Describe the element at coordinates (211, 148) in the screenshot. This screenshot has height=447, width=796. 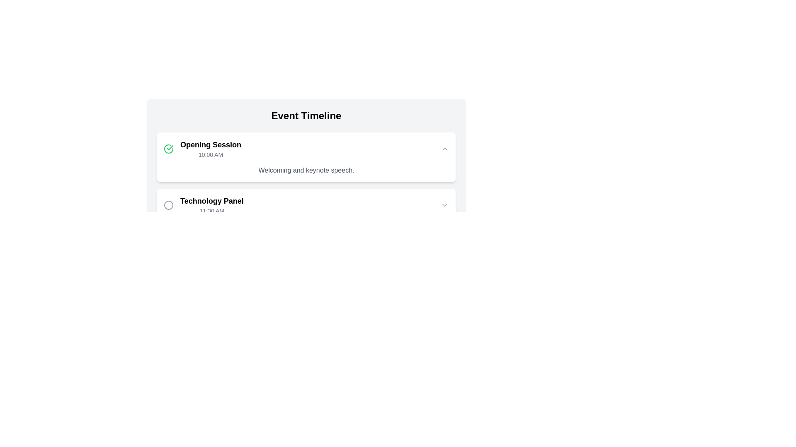
I see `the 'Opening Session' text block, which displays 'Opening Session' in bold and '10:00 AM' below it` at that location.